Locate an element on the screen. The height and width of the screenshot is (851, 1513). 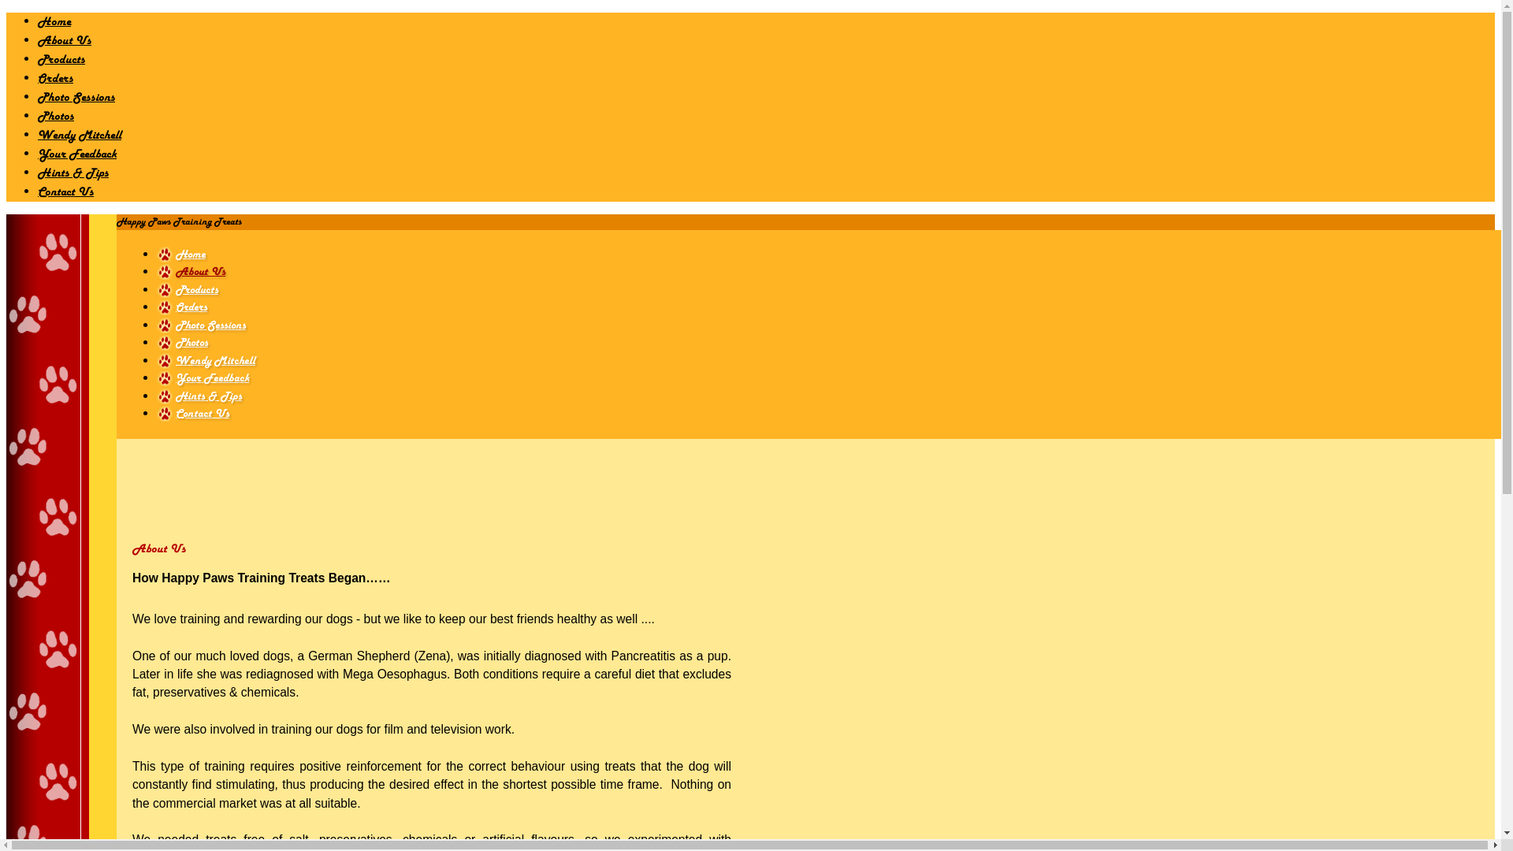
'Photos' is located at coordinates (181, 342).